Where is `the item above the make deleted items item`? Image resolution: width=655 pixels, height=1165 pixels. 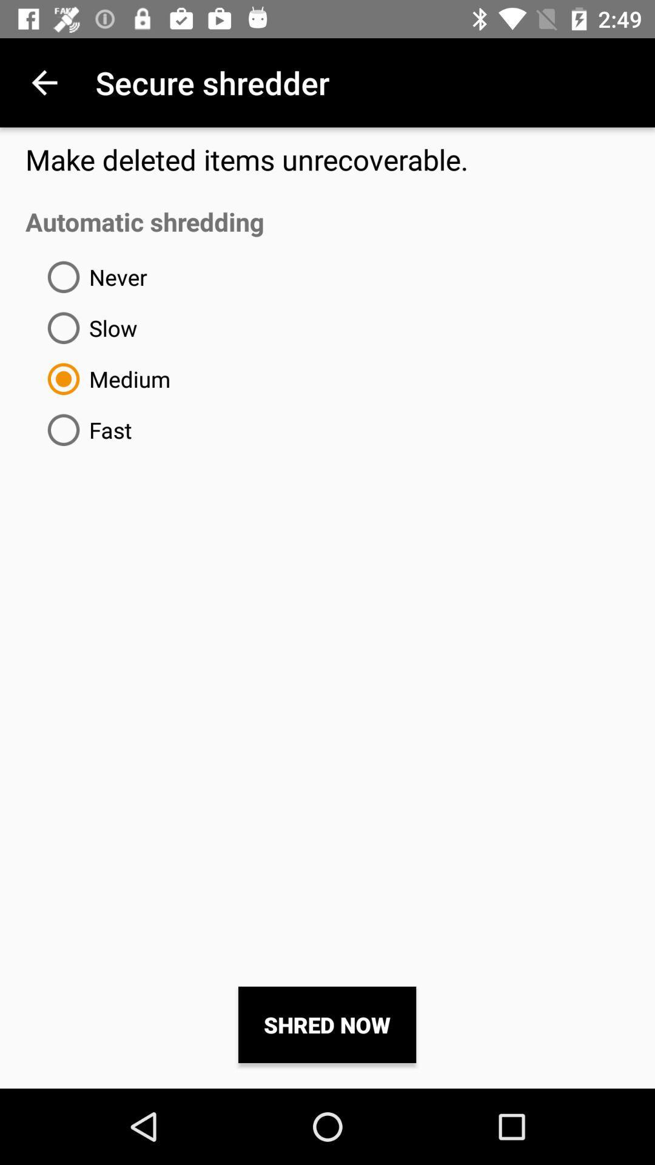
the item above the make deleted items item is located at coordinates (44, 82).